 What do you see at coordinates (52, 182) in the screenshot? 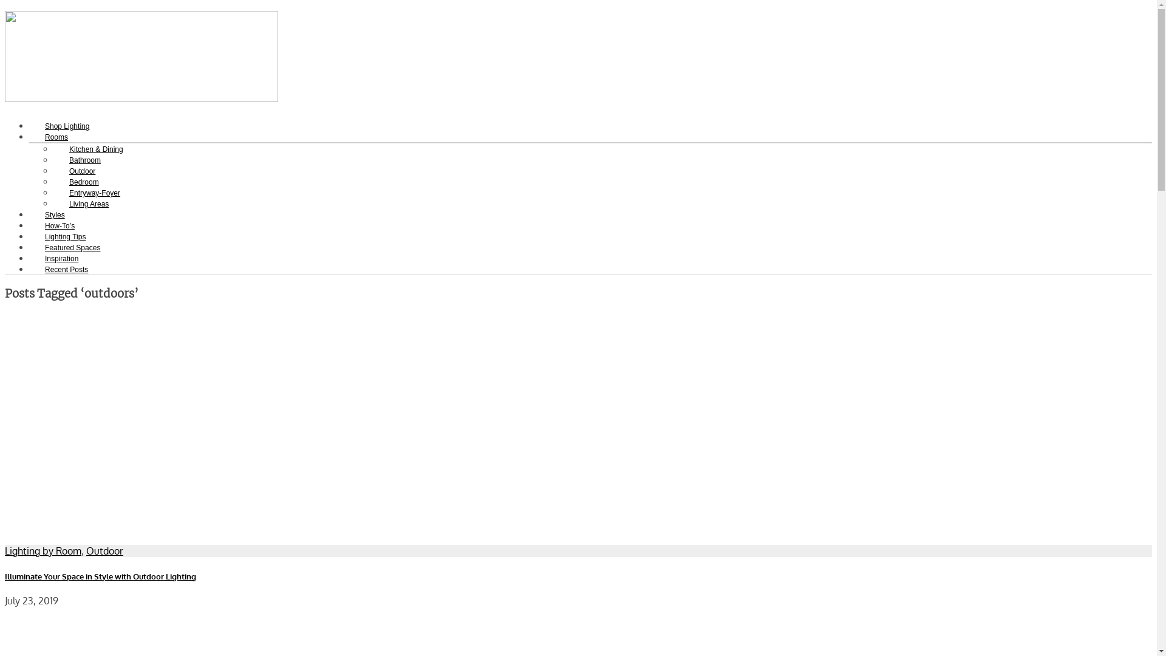
I see `'Bedroom'` at bounding box center [52, 182].